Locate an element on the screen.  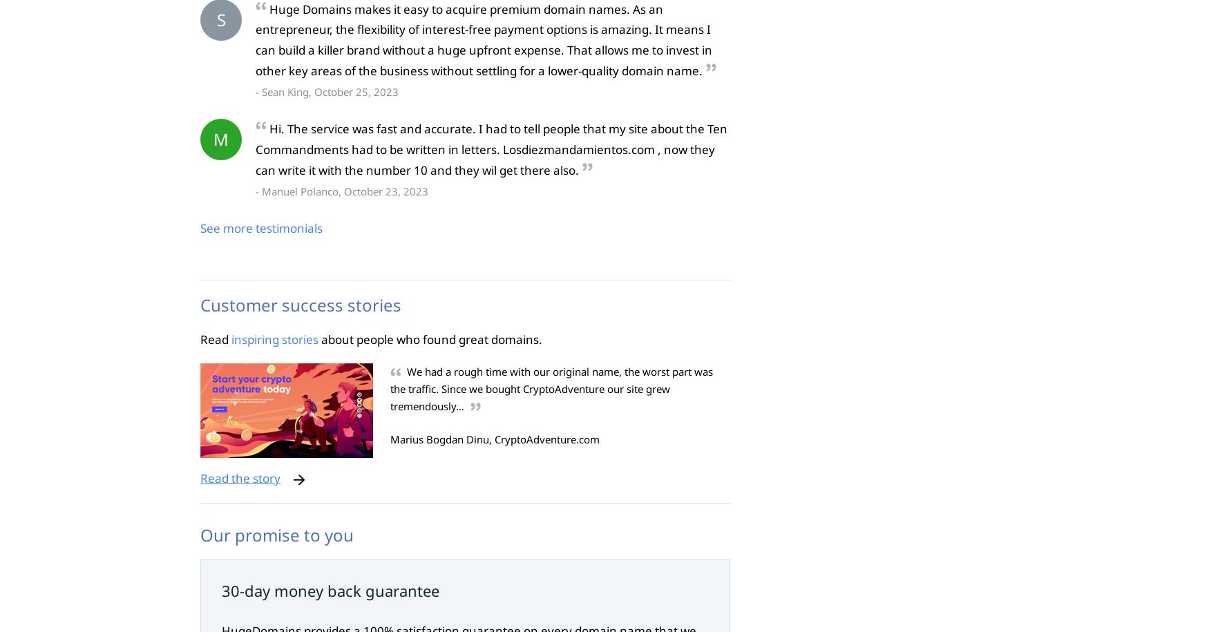
'Read' is located at coordinates (215, 338).